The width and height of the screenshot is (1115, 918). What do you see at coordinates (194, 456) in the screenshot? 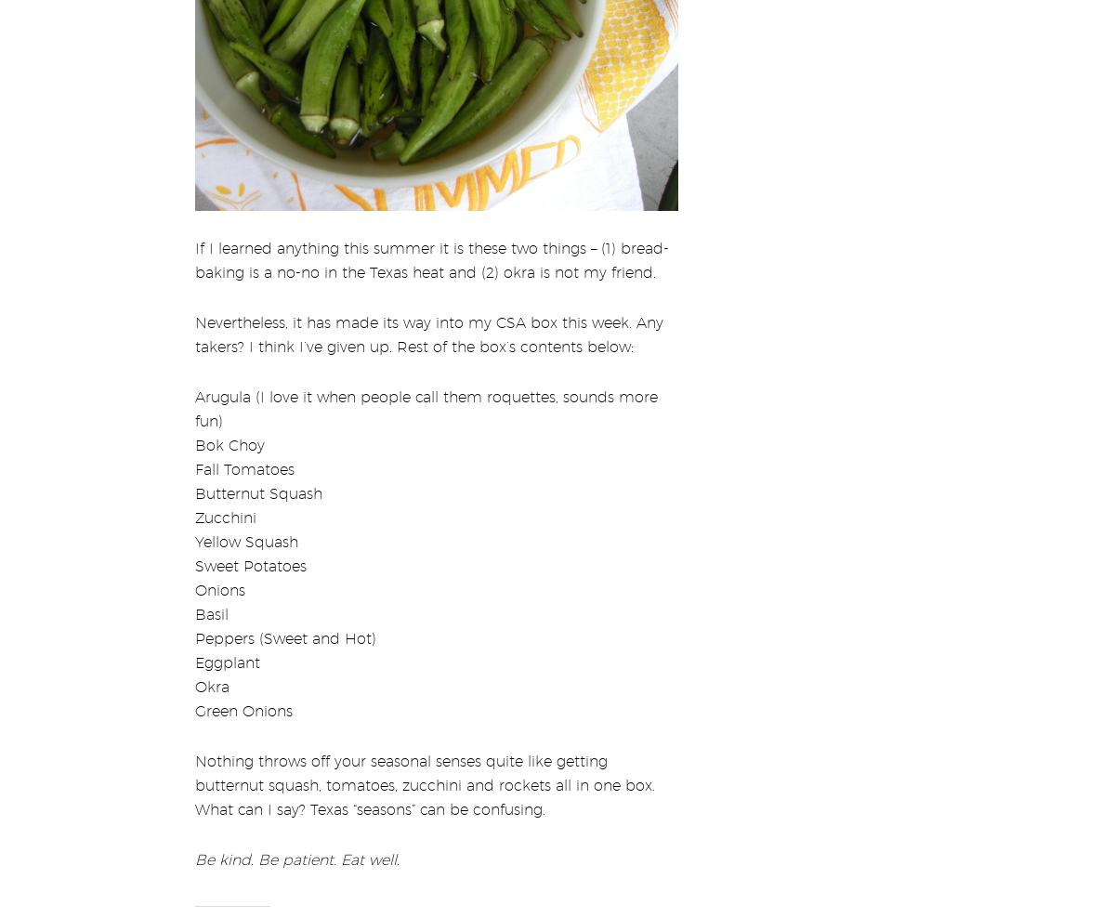
I see `'Fall Tomatoes'` at bounding box center [194, 456].